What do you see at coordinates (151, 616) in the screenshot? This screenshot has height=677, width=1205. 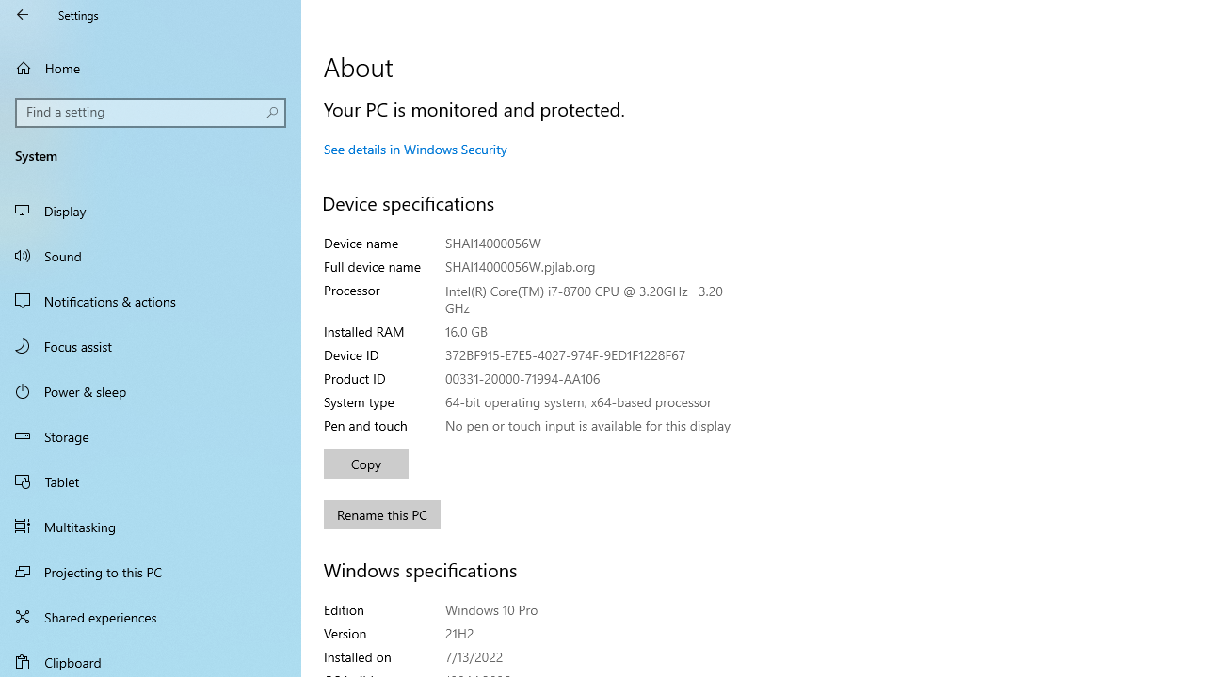 I see `'Shared experiences'` at bounding box center [151, 616].